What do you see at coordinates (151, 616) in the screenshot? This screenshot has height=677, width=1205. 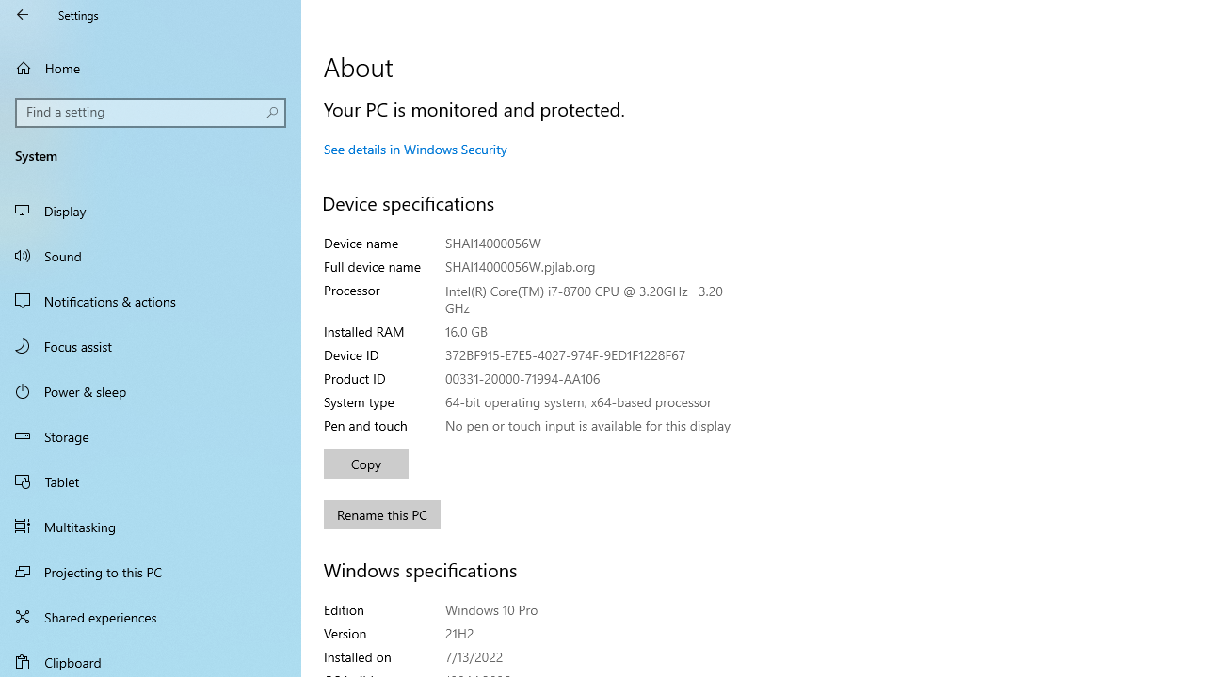 I see `'Shared experiences'` at bounding box center [151, 616].